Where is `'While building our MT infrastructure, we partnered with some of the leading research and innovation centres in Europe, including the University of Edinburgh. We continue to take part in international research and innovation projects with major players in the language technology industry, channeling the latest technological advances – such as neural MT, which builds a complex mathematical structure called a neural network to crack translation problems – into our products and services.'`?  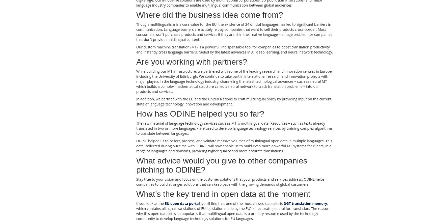
'While building our MT infrastructure, we partnered with some of the leading research and innovation centres in Europe, including the University of Edinburgh. We continue to take part in international research and innovation projects with major players in the language technology industry, channeling the latest technological advances – such as neural MT, which builds a complex mathematical structure called a neural network to crack translation problems – into our products and services.' is located at coordinates (234, 81).